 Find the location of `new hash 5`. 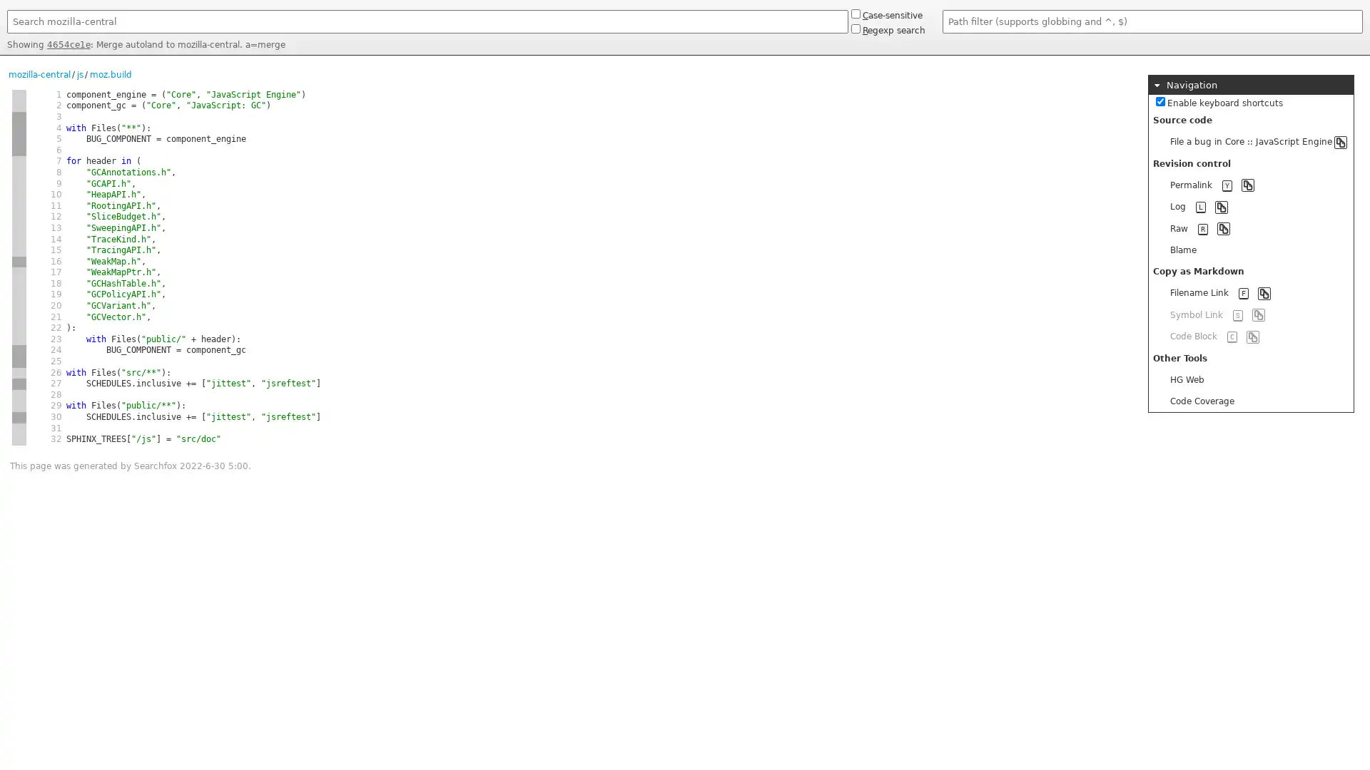

new hash 5 is located at coordinates (19, 428).